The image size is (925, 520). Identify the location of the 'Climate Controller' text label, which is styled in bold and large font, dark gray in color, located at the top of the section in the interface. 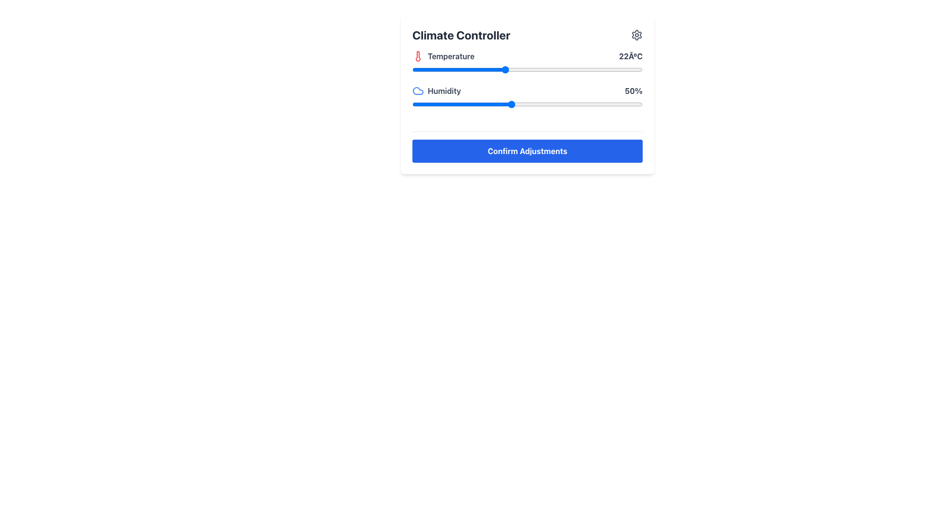
(461, 35).